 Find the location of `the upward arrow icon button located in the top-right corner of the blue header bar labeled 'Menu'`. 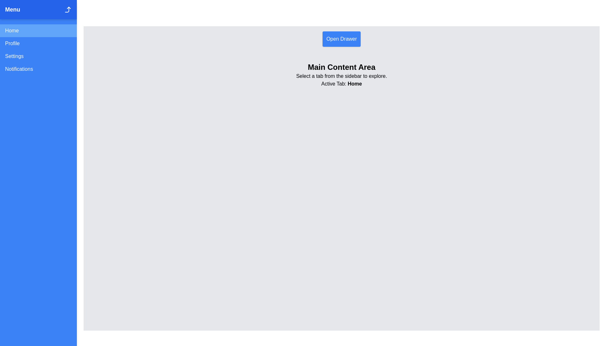

the upward arrow icon button located in the top-right corner of the blue header bar labeled 'Menu' is located at coordinates (68, 10).